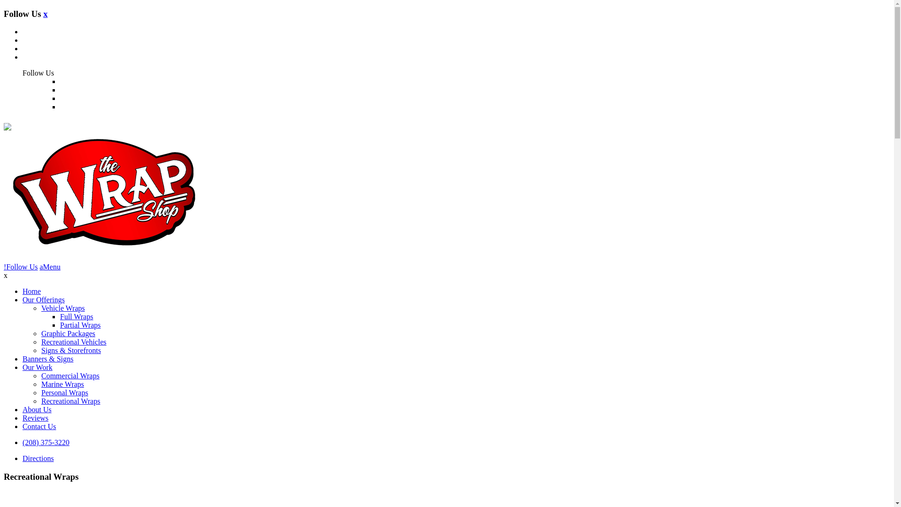 The height and width of the screenshot is (507, 901). I want to click on 'Personal Wraps', so click(64, 392).